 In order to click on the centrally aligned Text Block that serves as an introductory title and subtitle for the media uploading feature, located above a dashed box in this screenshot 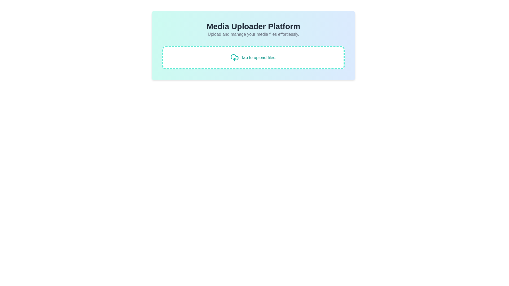, I will do `click(253, 29)`.